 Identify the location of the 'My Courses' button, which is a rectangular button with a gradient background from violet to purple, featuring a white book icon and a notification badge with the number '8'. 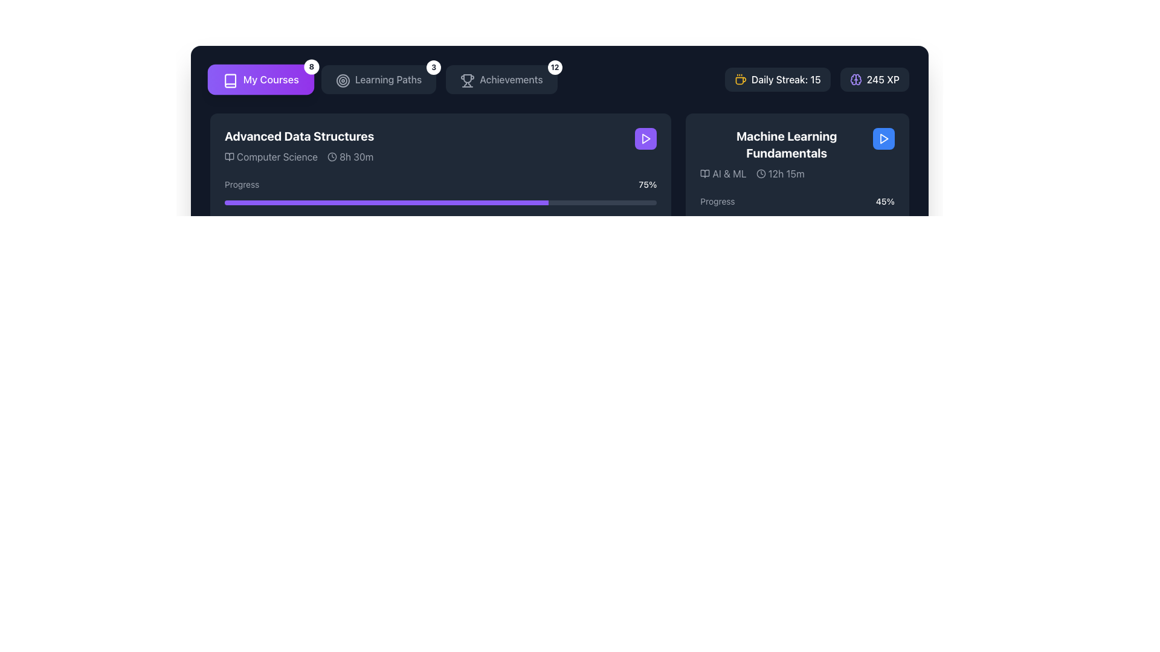
(260, 79).